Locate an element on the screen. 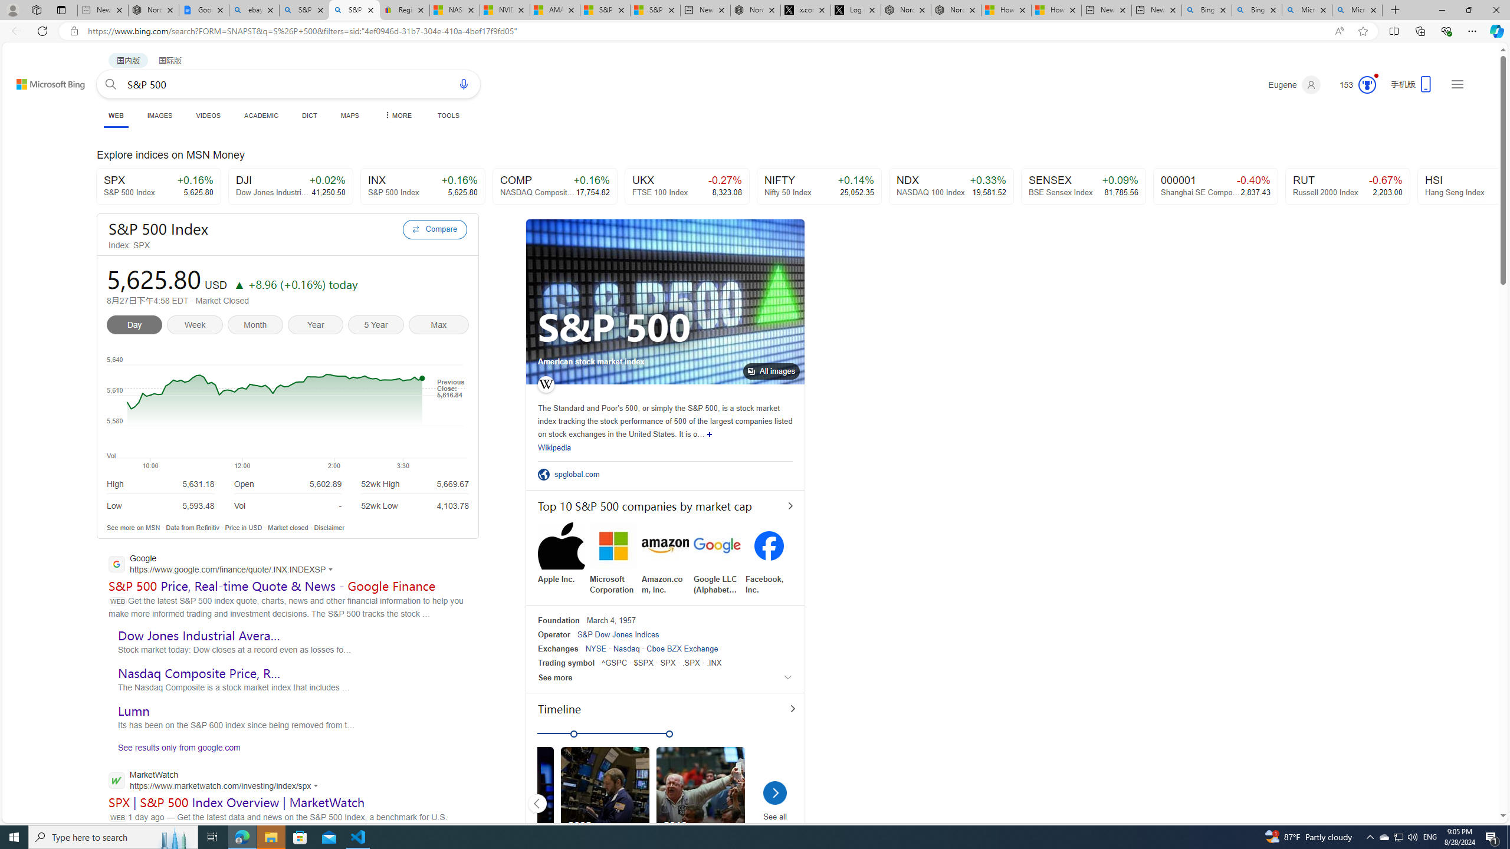 The height and width of the screenshot is (849, 1510). 'Nasdaq' is located at coordinates (626, 648).